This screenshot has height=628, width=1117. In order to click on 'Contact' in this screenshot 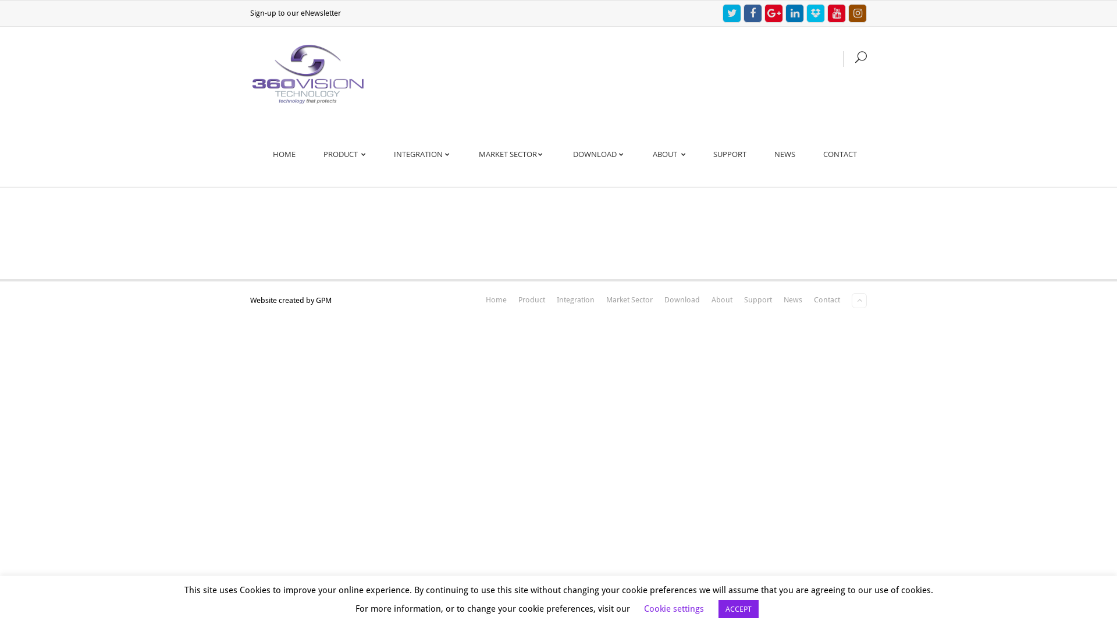, I will do `click(826, 299)`.